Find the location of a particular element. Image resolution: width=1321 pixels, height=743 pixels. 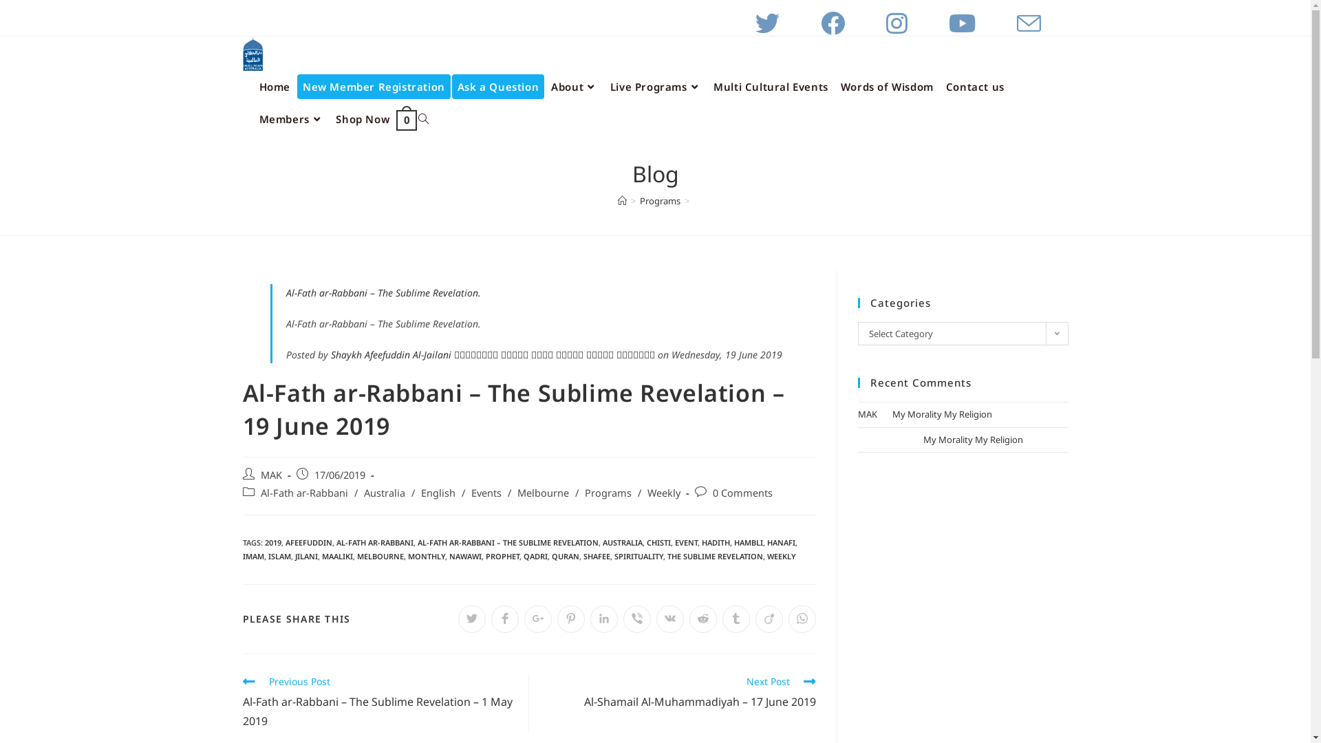

'HAMBLI' is located at coordinates (747, 541).